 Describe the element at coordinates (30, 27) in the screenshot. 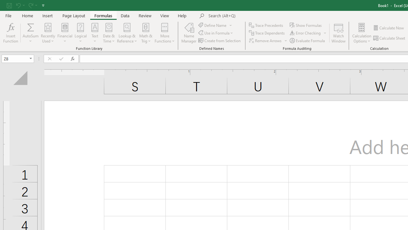

I see `'Sum'` at that location.